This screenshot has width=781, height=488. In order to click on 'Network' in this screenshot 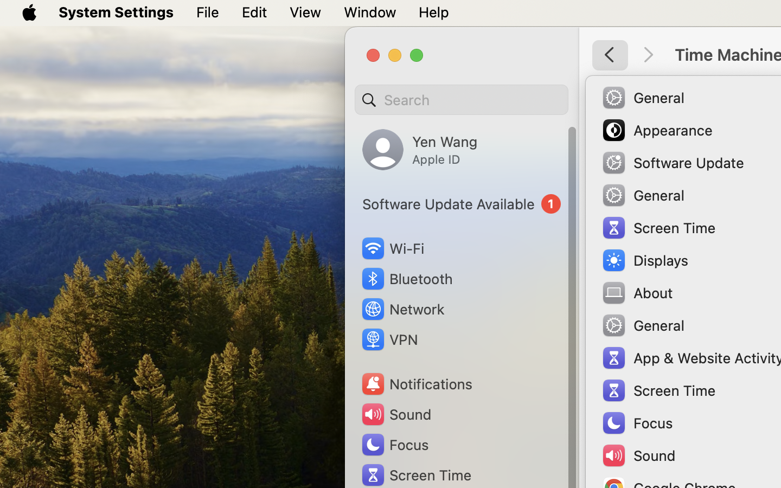, I will do `click(402, 309)`.